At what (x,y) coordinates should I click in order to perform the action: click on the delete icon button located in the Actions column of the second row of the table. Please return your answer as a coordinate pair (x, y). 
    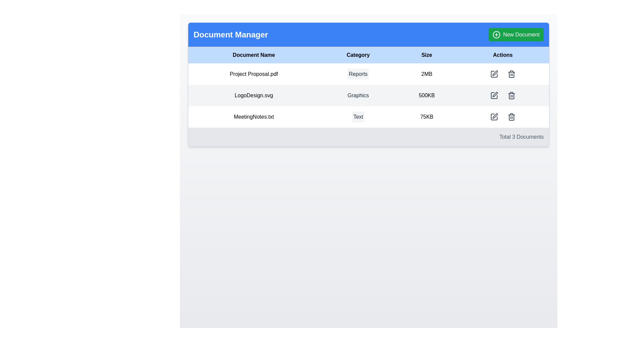
    Looking at the image, I should click on (511, 95).